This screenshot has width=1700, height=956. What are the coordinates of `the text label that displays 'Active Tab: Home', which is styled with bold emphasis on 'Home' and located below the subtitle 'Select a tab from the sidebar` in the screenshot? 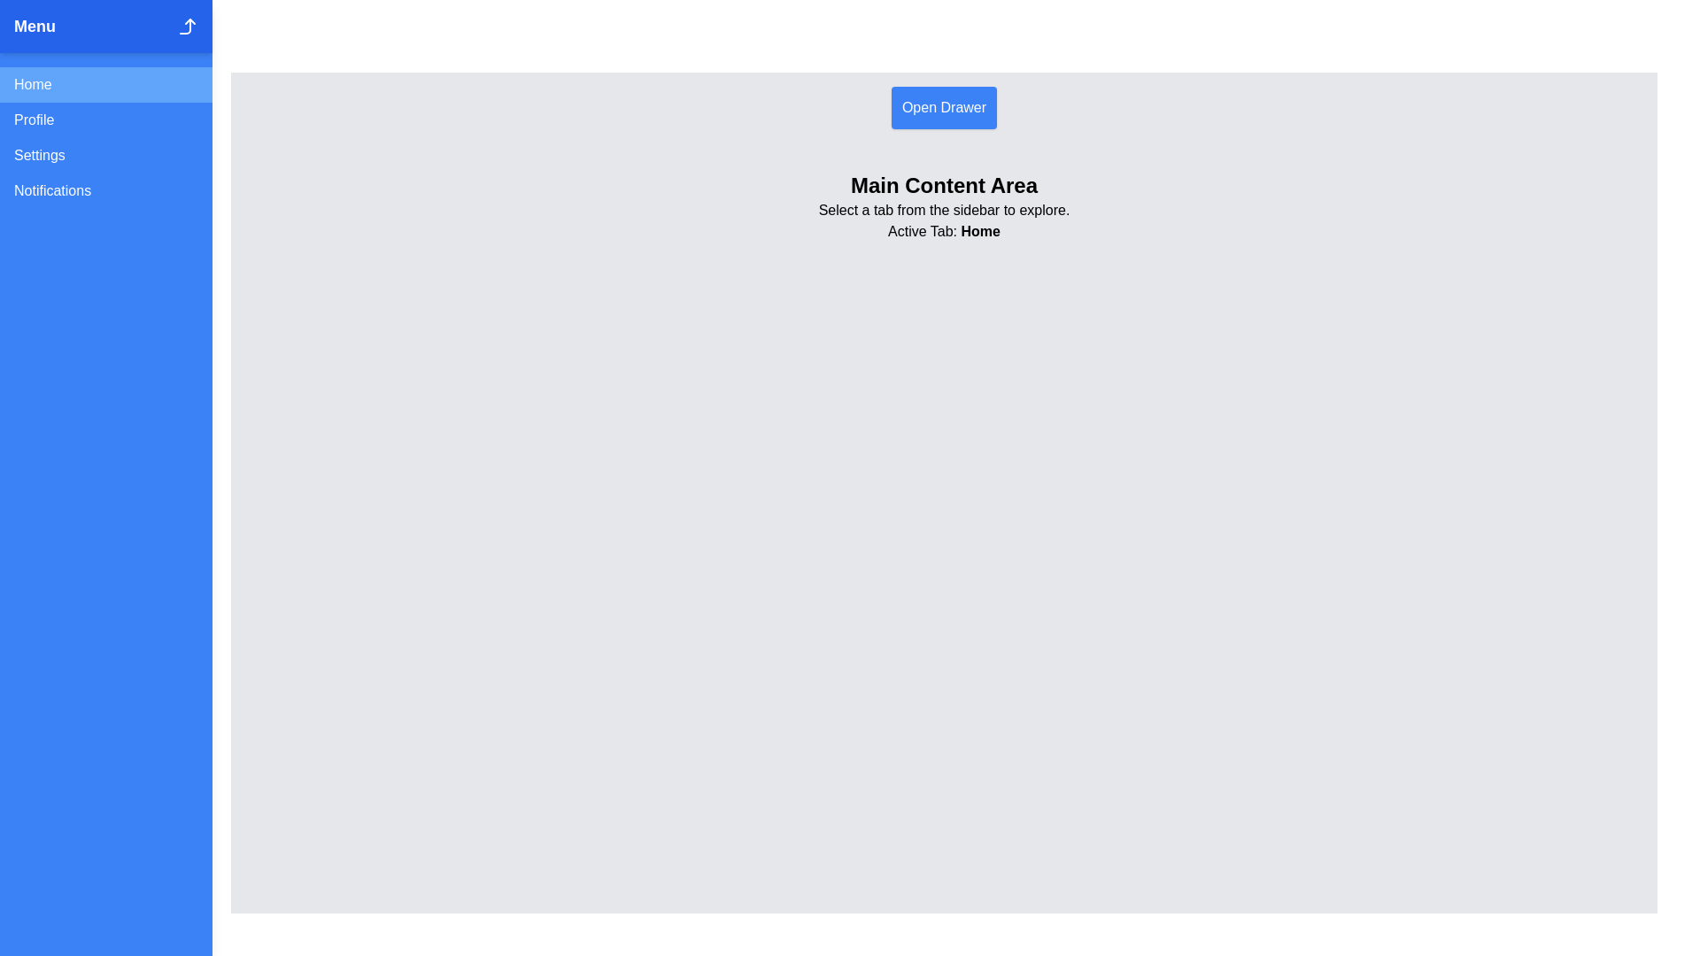 It's located at (943, 231).